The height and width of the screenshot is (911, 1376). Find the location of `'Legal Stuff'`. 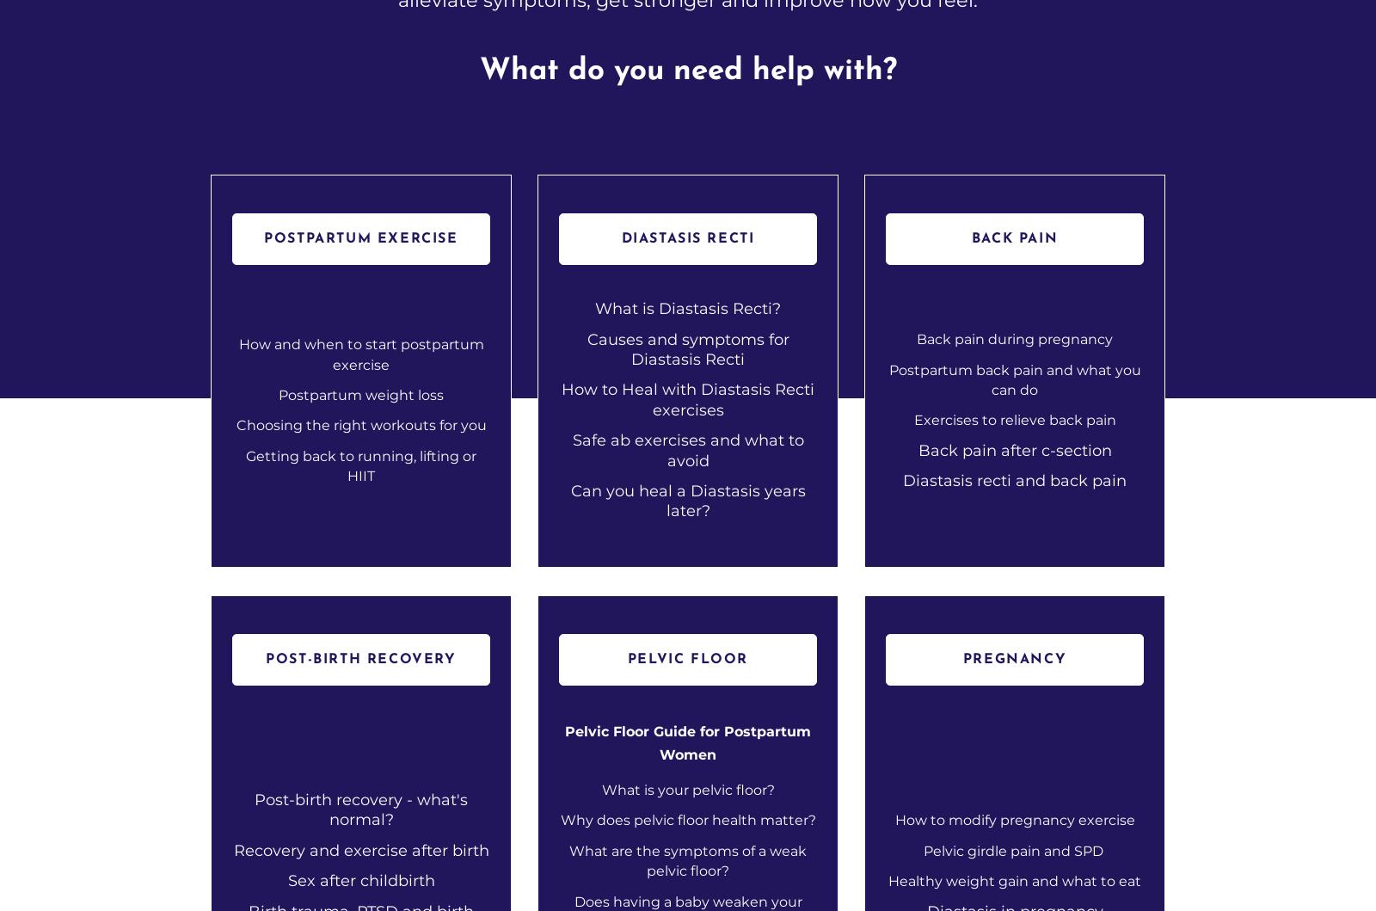

'Legal Stuff' is located at coordinates (1082, 537).